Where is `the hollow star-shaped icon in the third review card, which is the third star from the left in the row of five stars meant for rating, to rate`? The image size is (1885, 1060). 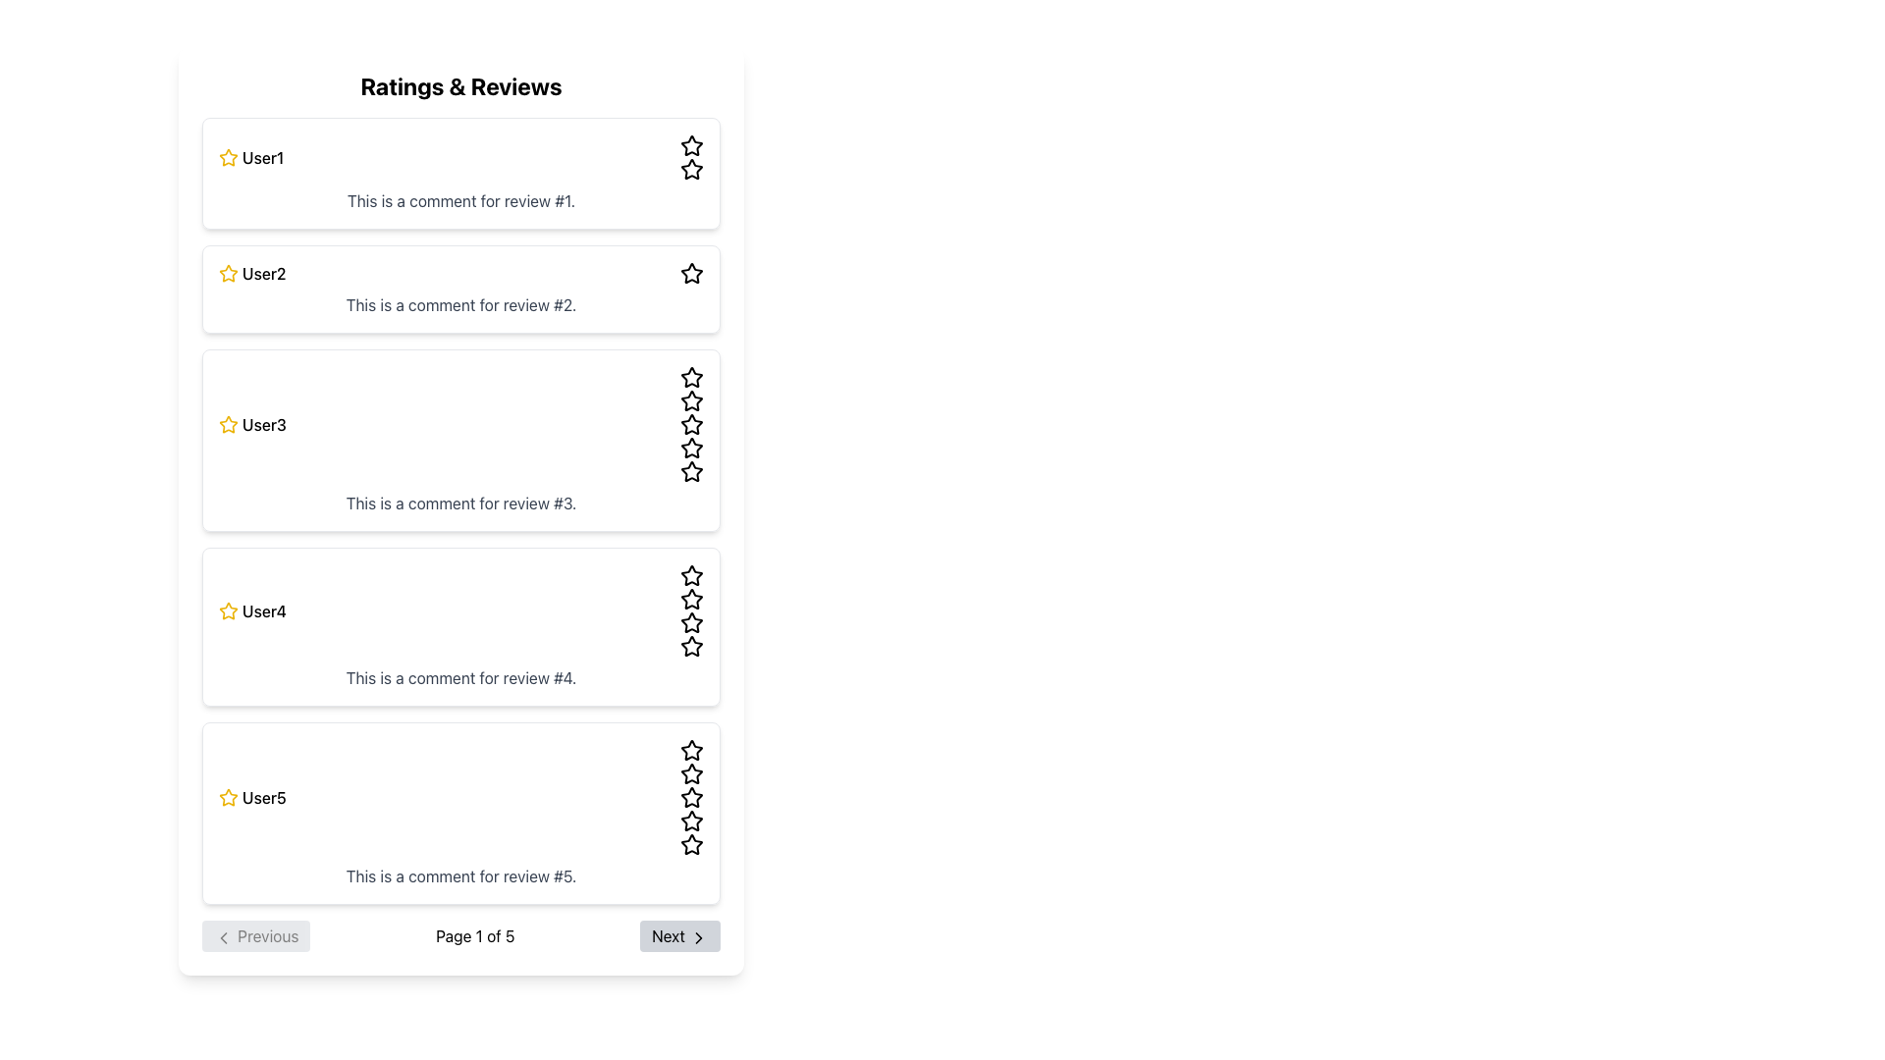 the hollow star-shaped icon in the third review card, which is the third star from the left in the row of five stars meant for rating, to rate is located at coordinates (692, 377).